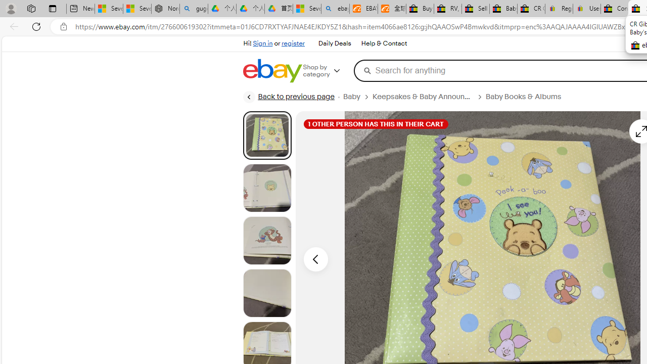  Describe the element at coordinates (11, 8) in the screenshot. I see `'Personal Profile'` at that location.